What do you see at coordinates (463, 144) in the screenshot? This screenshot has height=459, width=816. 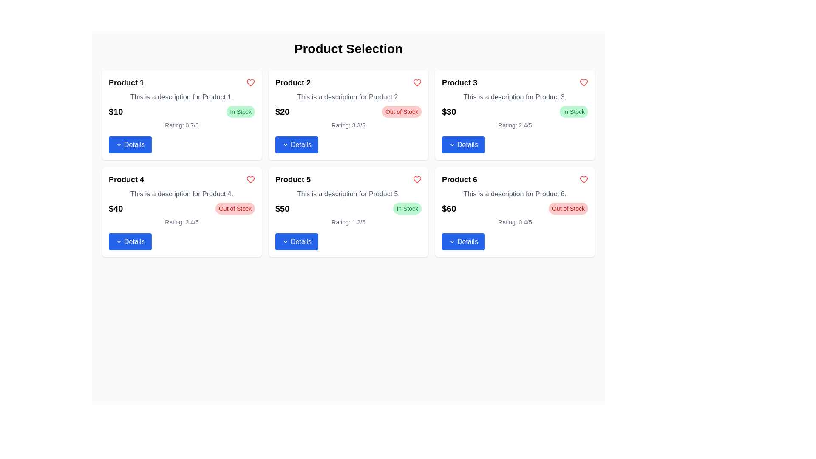 I see `the button located at the bottom of the card for 'Product 3'` at bounding box center [463, 144].